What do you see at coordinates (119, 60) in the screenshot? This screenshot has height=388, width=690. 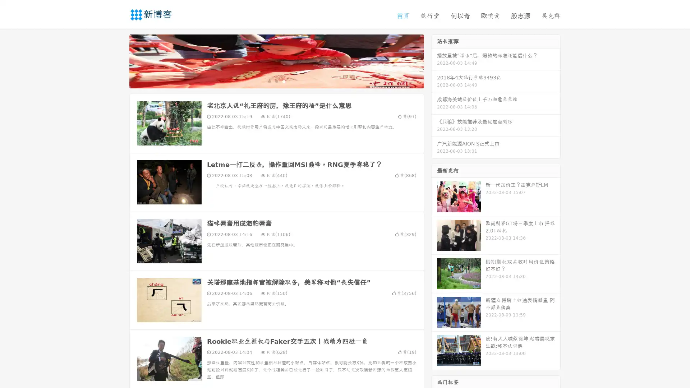 I see `Previous slide` at bounding box center [119, 60].